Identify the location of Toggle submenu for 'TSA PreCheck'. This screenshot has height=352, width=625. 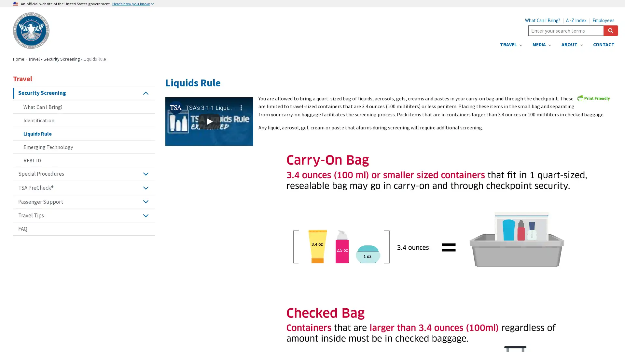
(145, 187).